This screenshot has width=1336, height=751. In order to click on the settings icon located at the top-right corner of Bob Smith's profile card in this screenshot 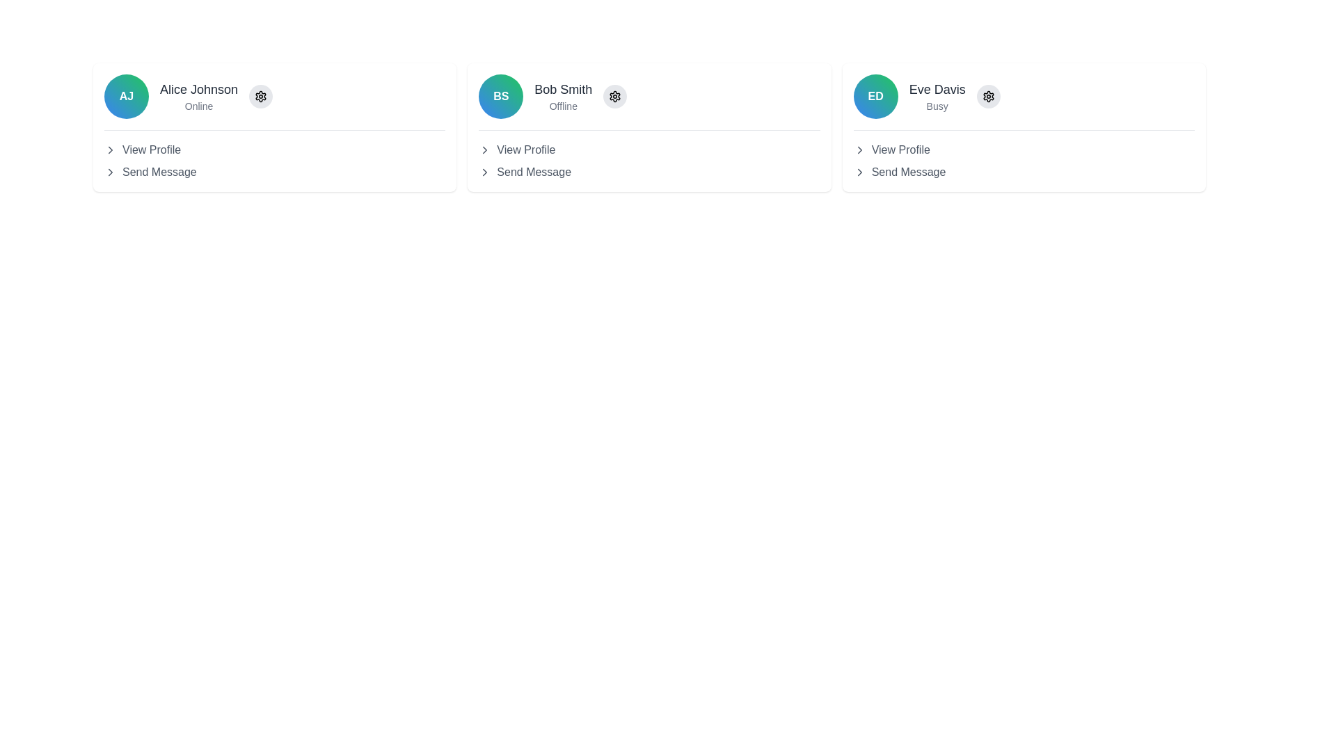, I will do `click(614, 95)`.